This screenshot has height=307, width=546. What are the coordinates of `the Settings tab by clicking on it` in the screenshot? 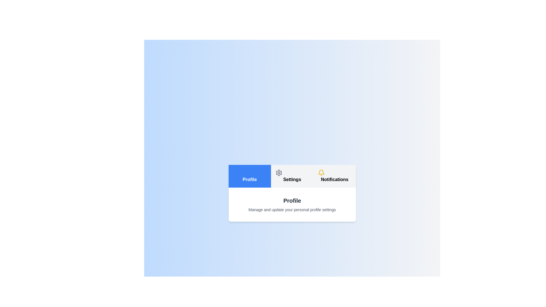 It's located at (292, 176).